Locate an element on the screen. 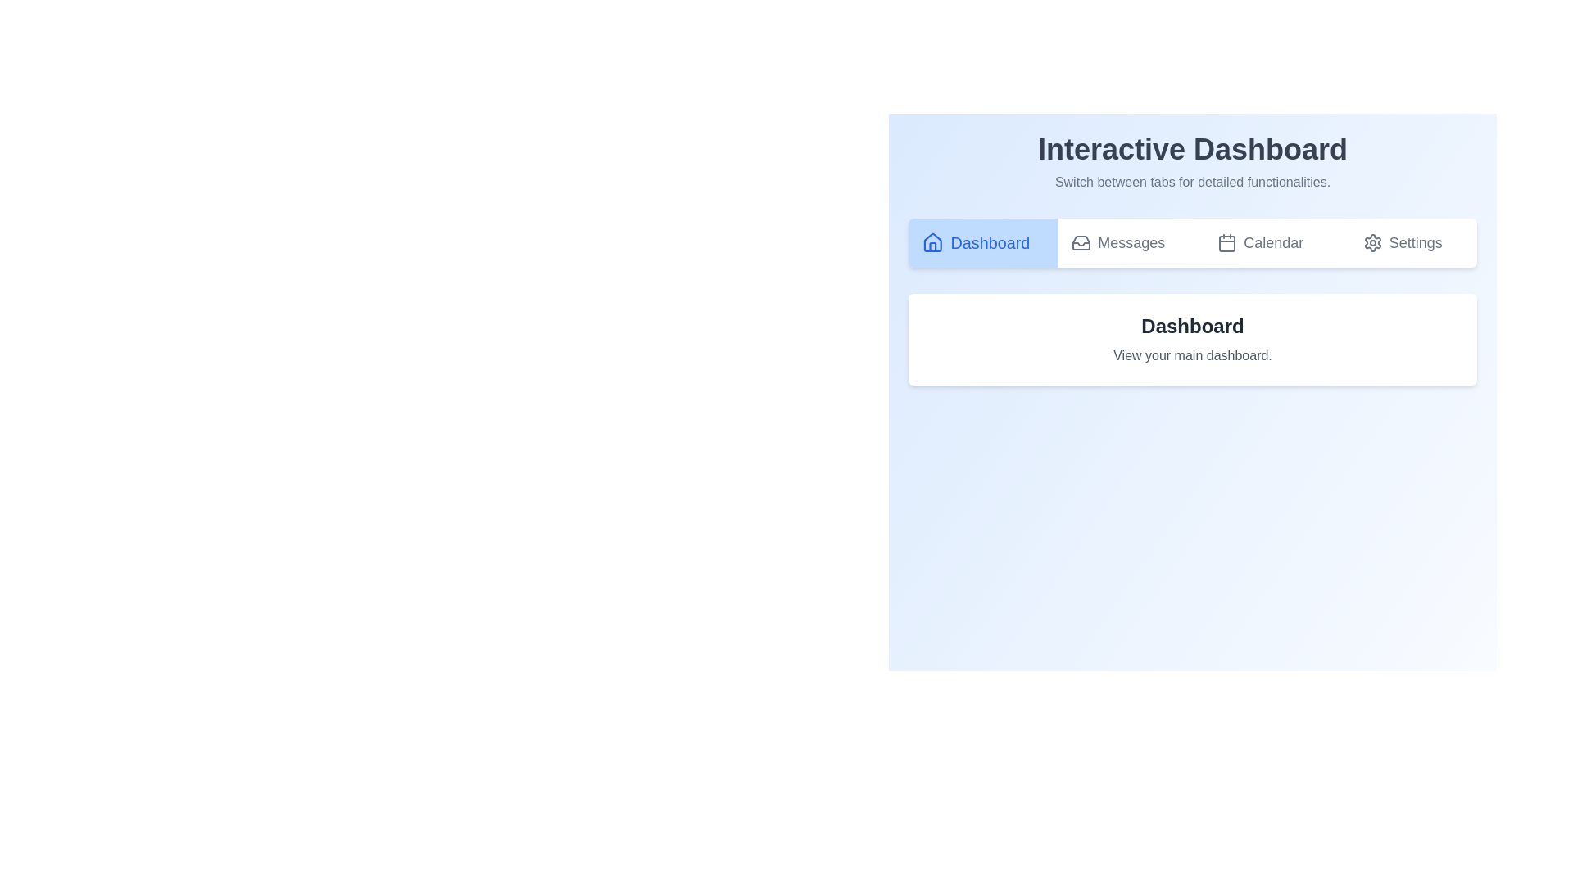  text label for the 'Dashboard' navigation button, which directs the user to the dashboard view is located at coordinates (990, 243).